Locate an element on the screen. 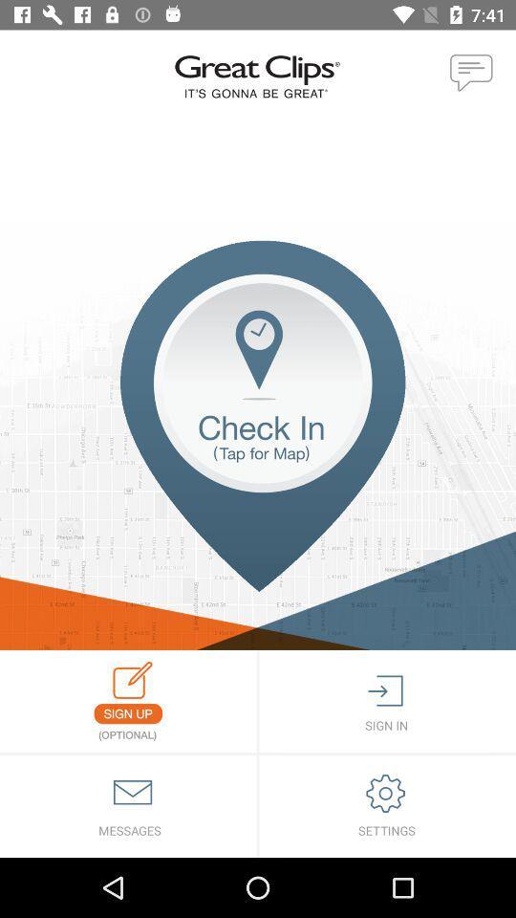  sign in is located at coordinates (387, 700).